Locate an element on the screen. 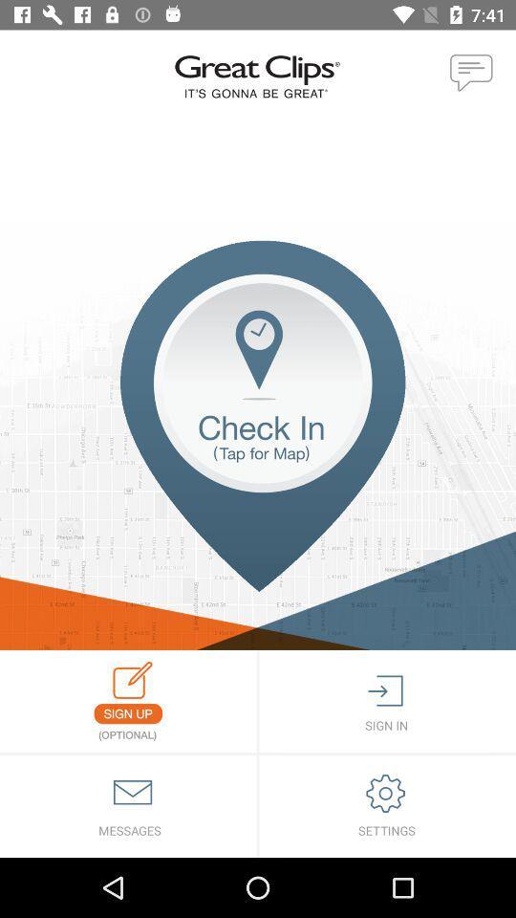  sign in is located at coordinates (387, 700).